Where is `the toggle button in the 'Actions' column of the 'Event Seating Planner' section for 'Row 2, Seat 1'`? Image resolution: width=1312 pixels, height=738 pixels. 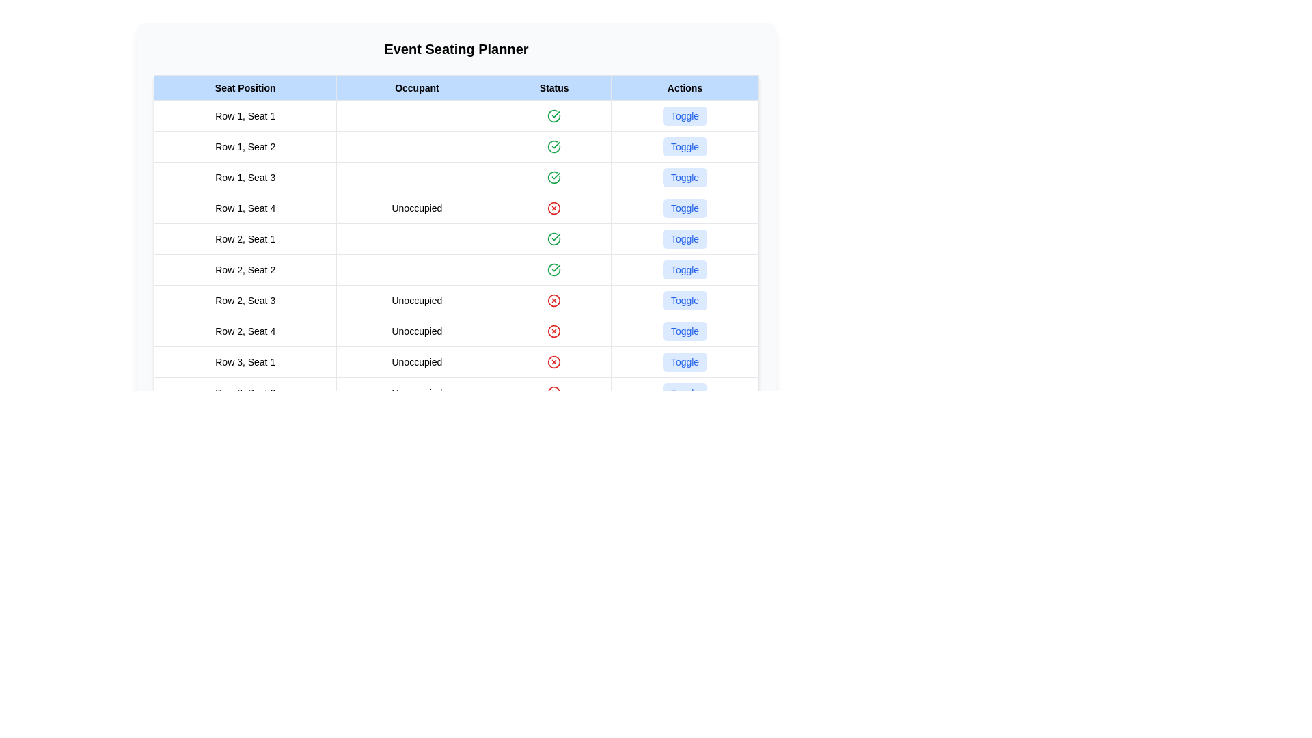
the toggle button in the 'Actions' column of the 'Event Seating Planner' section for 'Row 2, Seat 1' is located at coordinates (685, 238).